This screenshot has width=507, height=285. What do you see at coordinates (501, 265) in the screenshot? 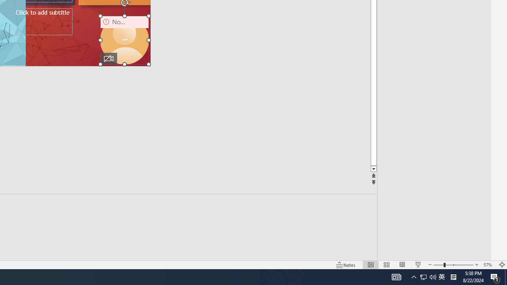
I see `'Zoom to Fit '` at bounding box center [501, 265].